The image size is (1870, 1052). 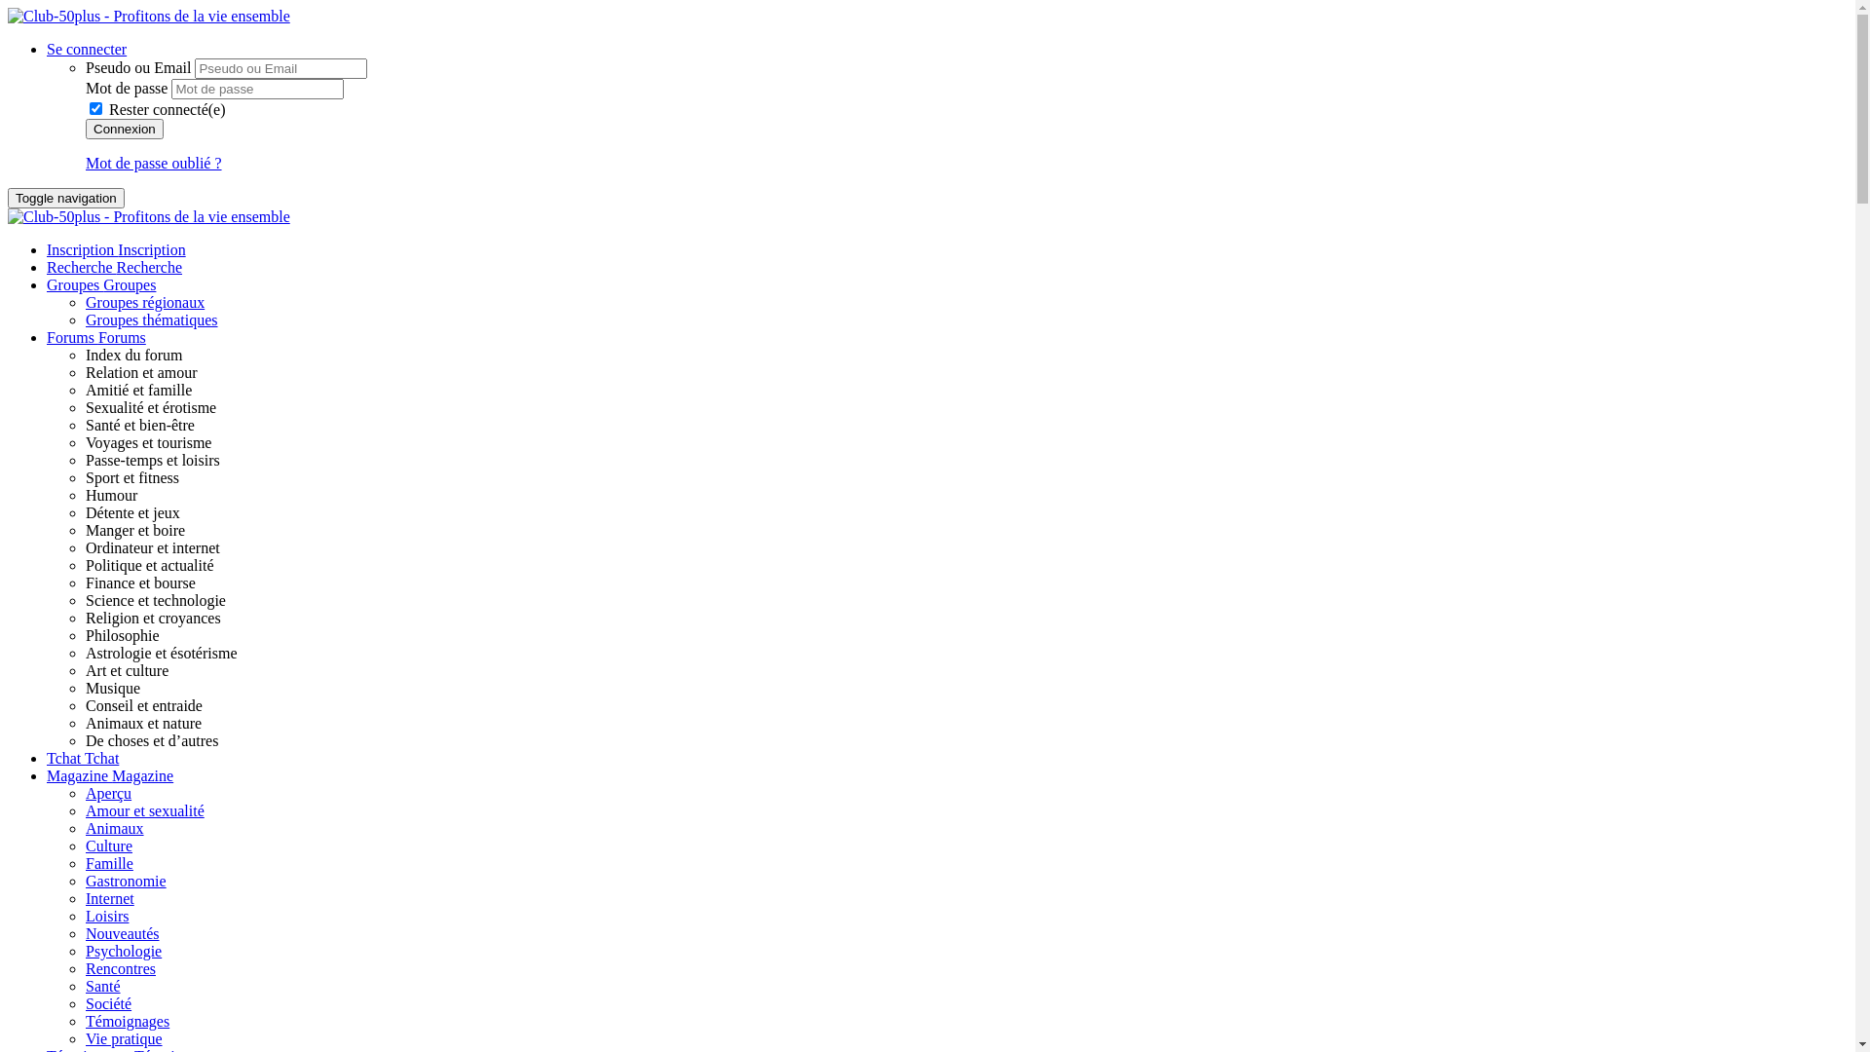 What do you see at coordinates (47, 757) in the screenshot?
I see `'Tchat'` at bounding box center [47, 757].